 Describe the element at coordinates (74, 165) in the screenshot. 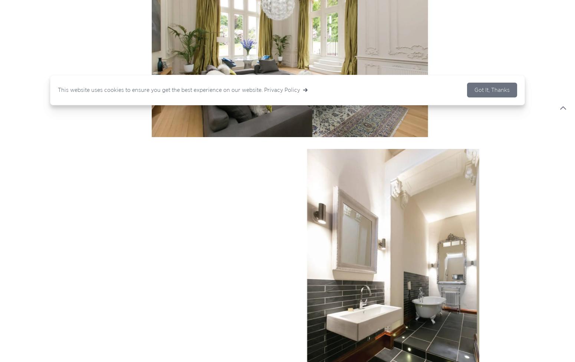

I see `'Please feel free to get in touch with us for a chat about your project ideas.'` at that location.